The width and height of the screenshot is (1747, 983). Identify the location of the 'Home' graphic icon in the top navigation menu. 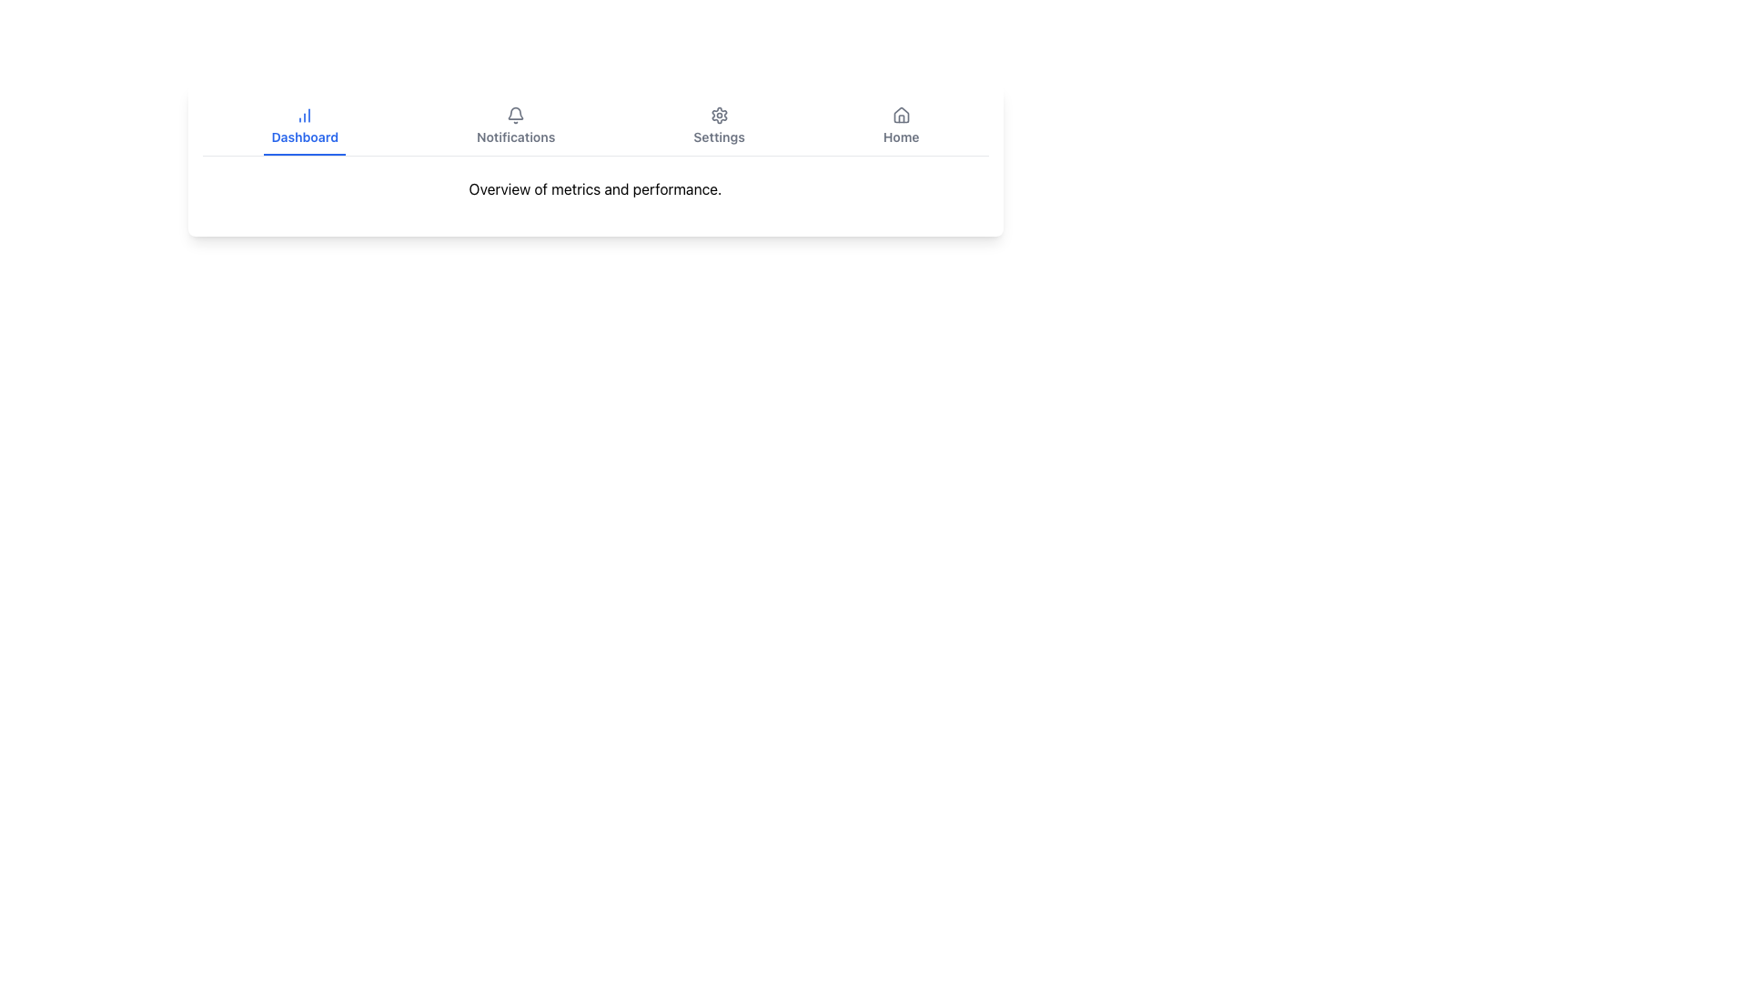
(901, 115).